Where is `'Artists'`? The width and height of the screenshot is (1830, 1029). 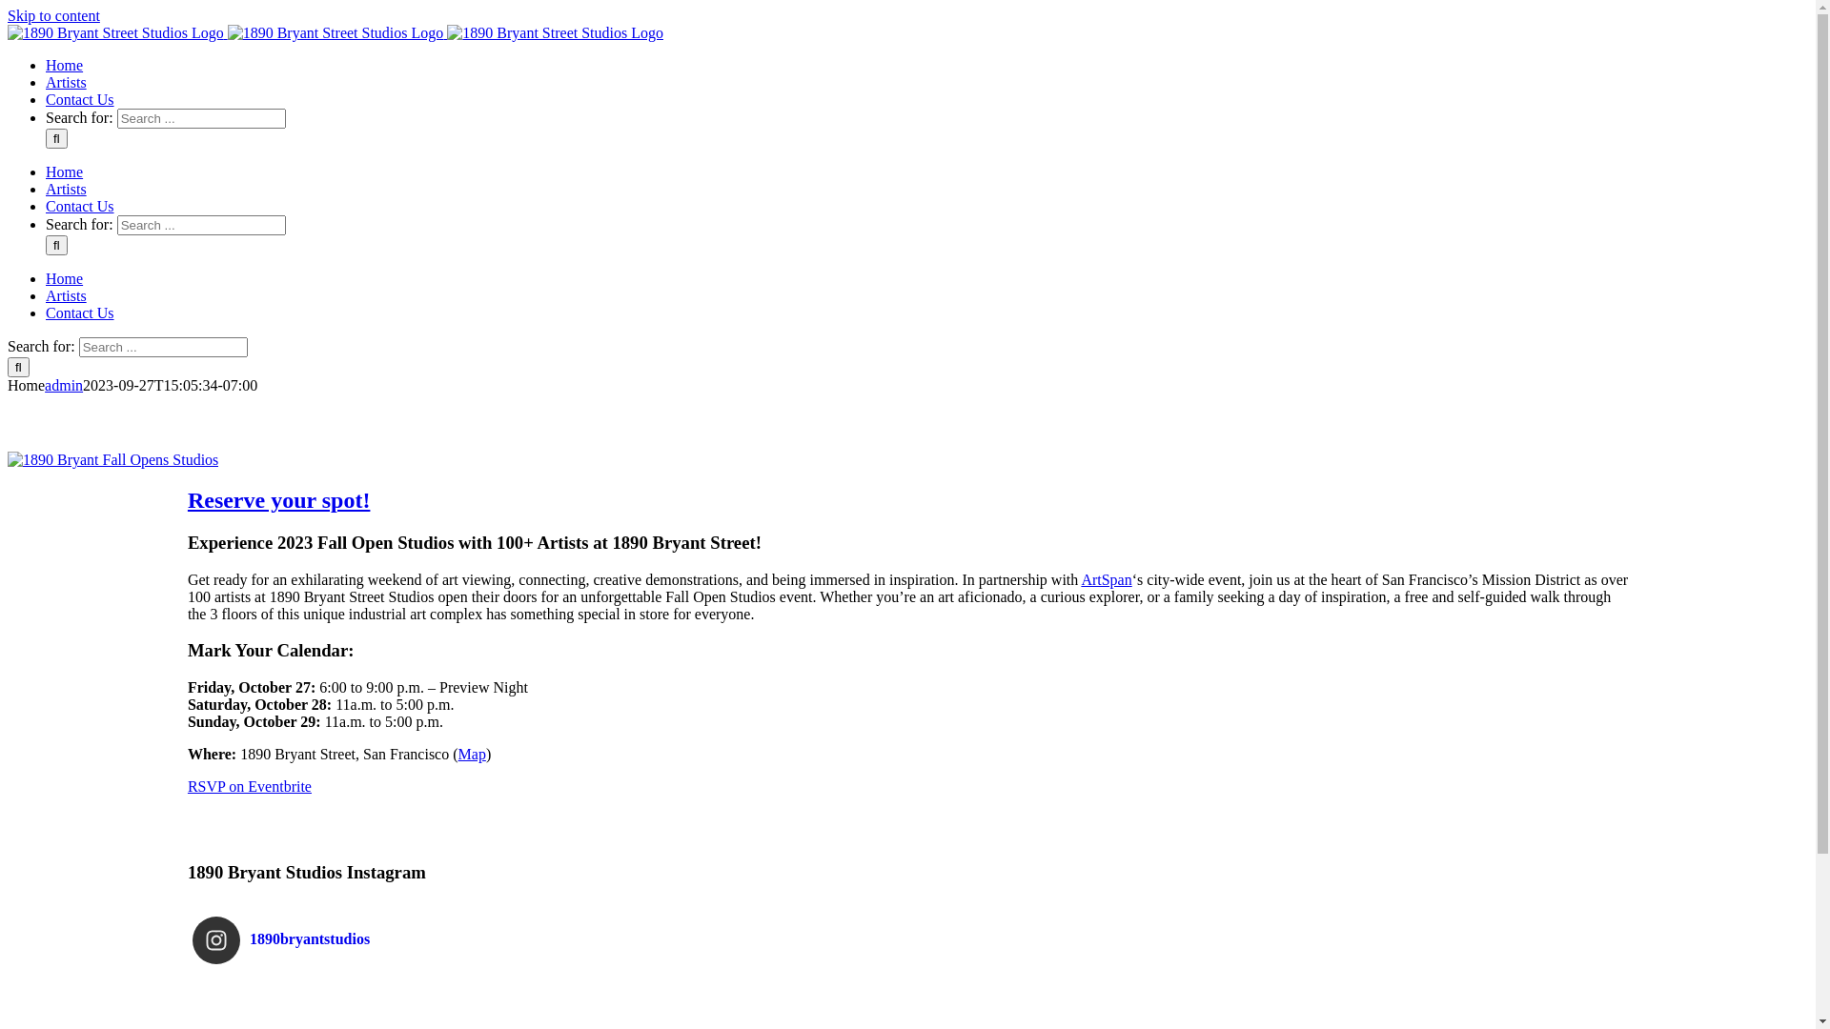 'Artists' is located at coordinates (66, 295).